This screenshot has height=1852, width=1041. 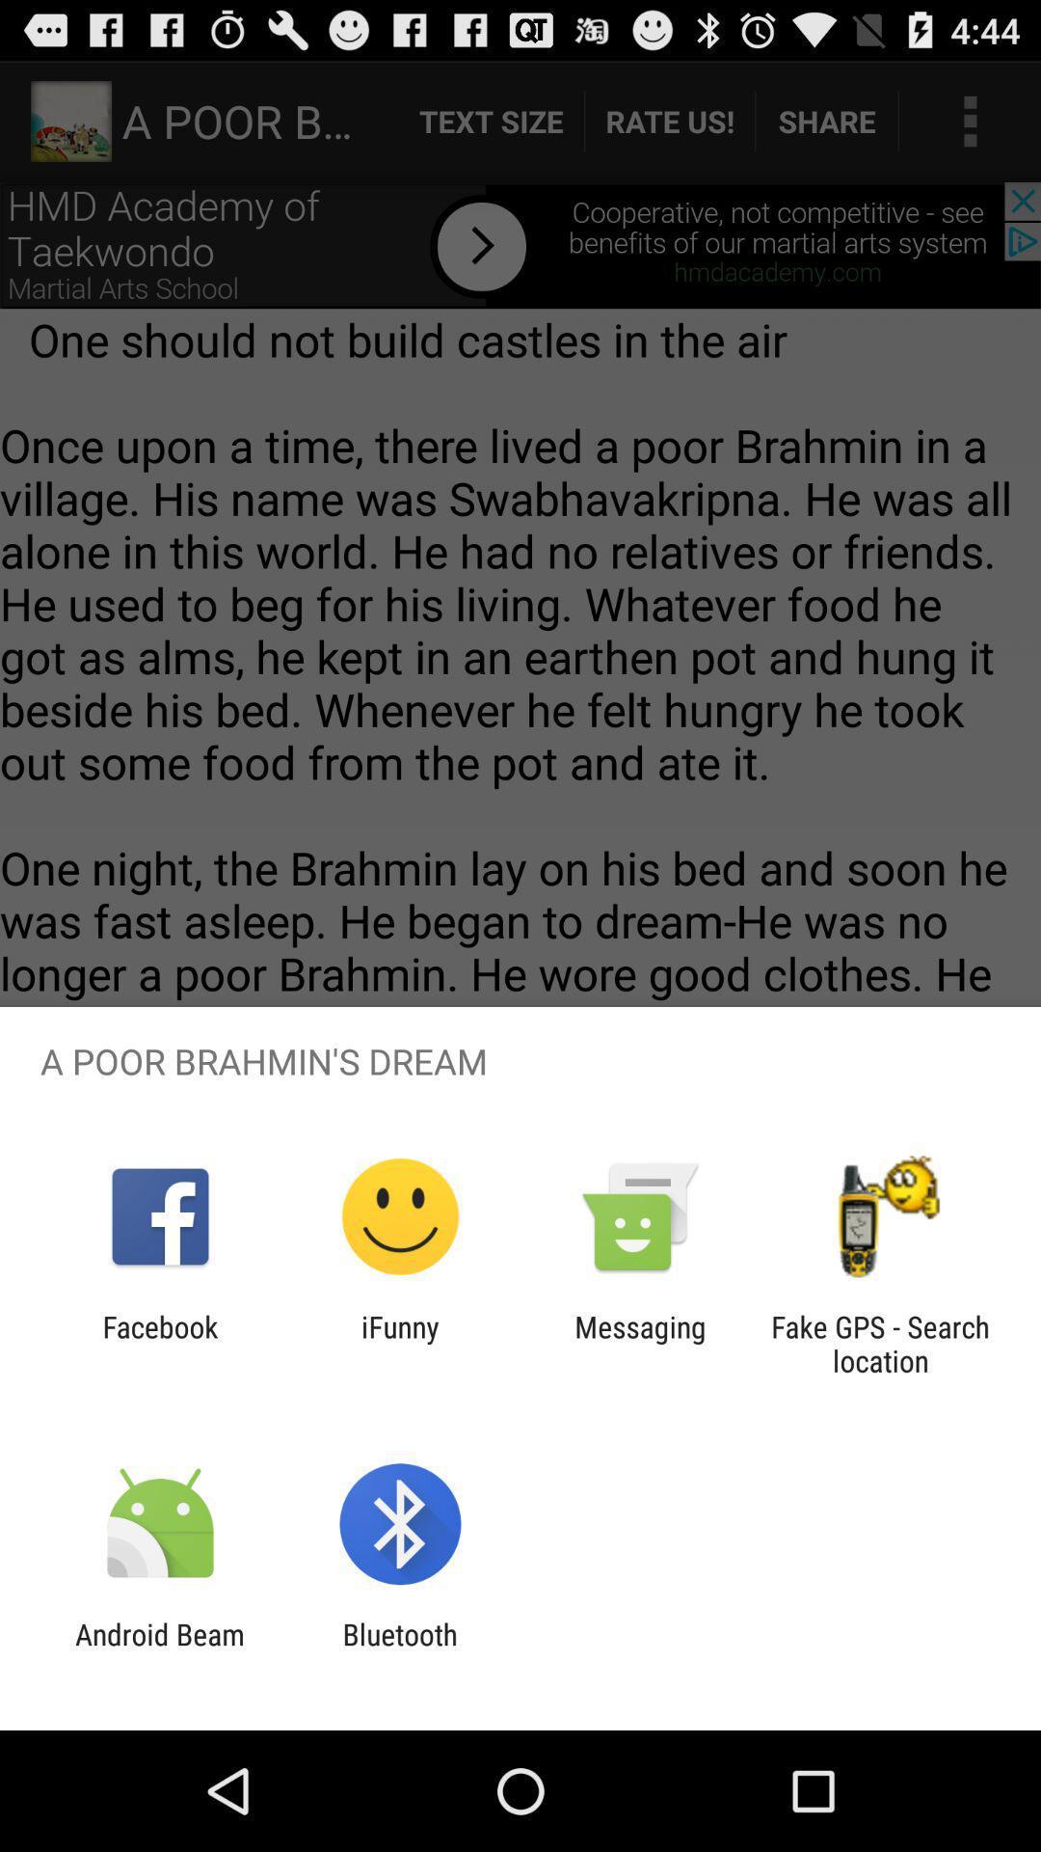 I want to click on app to the left of bluetooth icon, so click(x=159, y=1650).